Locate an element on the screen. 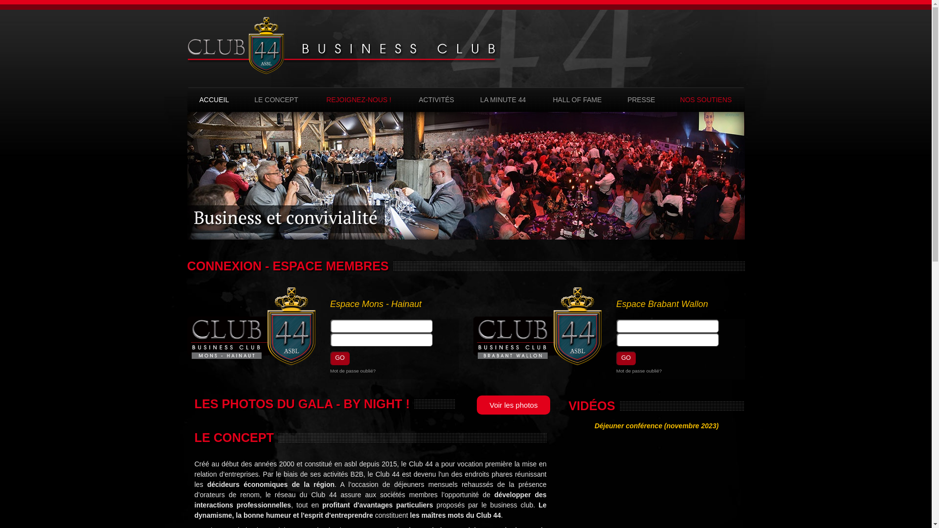 This screenshot has width=939, height=528. 'GO' is located at coordinates (626, 358).